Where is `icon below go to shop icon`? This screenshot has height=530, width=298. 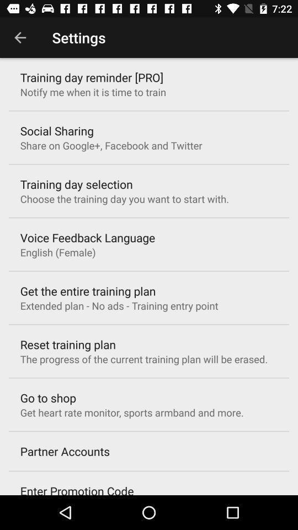
icon below go to shop icon is located at coordinates (132, 412).